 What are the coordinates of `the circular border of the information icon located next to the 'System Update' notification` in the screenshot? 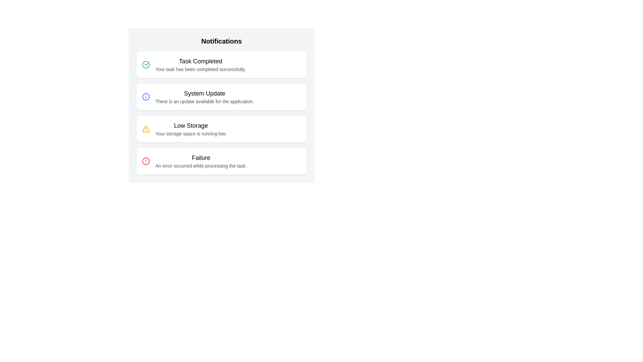 It's located at (146, 97).